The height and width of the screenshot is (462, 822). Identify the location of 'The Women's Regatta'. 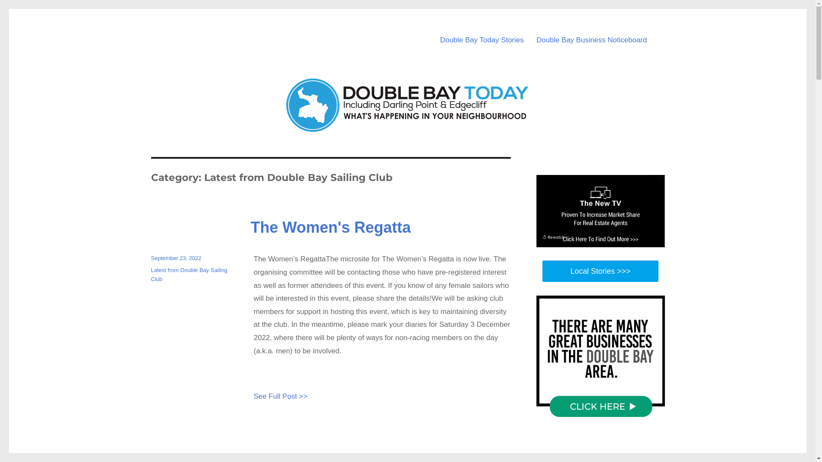
(250, 226).